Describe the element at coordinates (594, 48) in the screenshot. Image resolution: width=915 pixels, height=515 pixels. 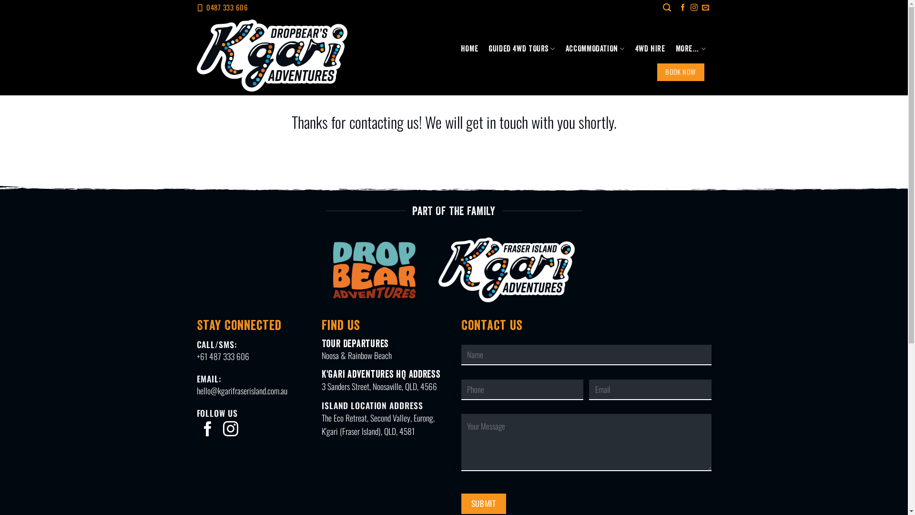
I see `'ACCOMMODATION'` at that location.